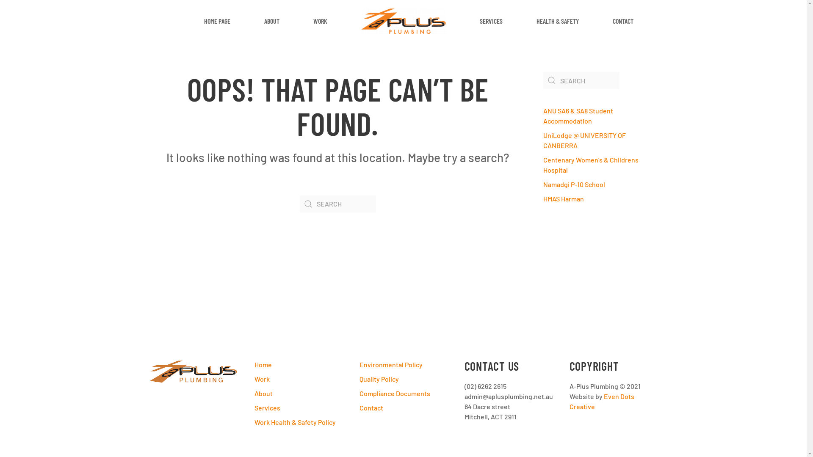  What do you see at coordinates (490, 21) in the screenshot?
I see `'SERVICES'` at bounding box center [490, 21].